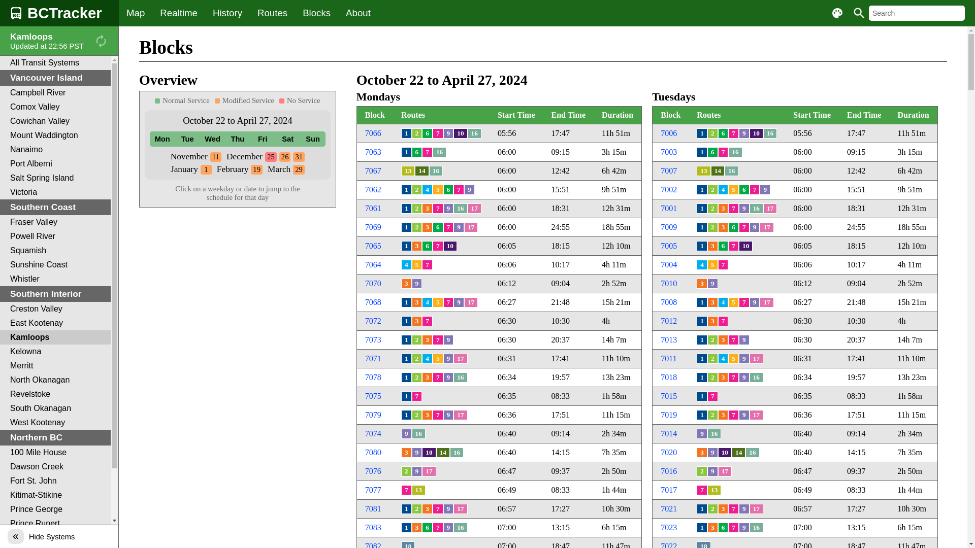 The width and height of the screenshot is (975, 548). I want to click on '9', so click(448, 508).